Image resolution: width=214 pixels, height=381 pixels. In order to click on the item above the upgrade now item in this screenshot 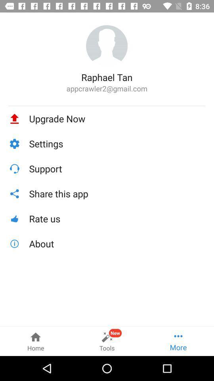, I will do `click(107, 105)`.